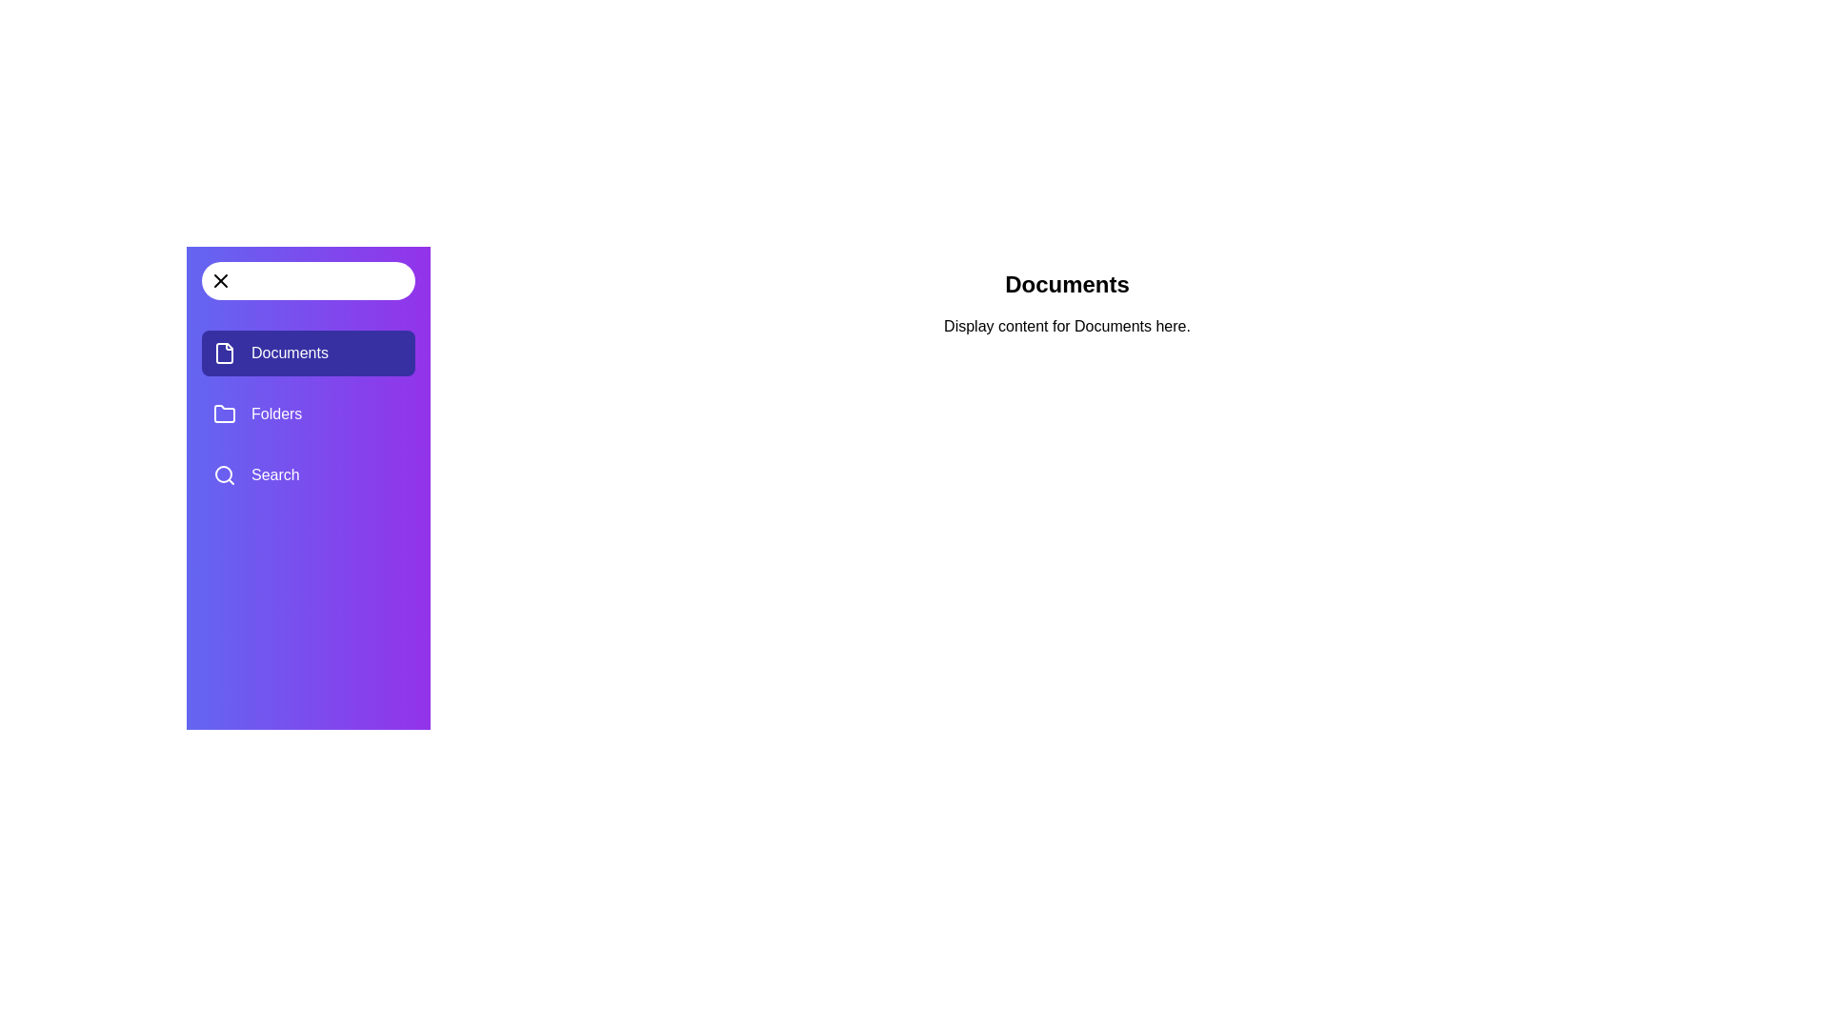 Image resolution: width=1829 pixels, height=1029 pixels. I want to click on the menu section Folders, so click(309, 414).